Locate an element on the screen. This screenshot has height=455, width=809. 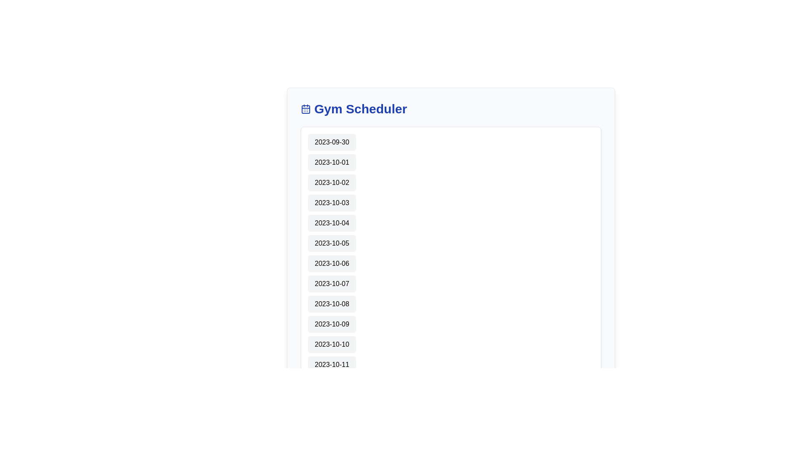
the button displaying '2023-10-01', which is part of a vertically aligned list and is the second item in the list is located at coordinates (331, 162).